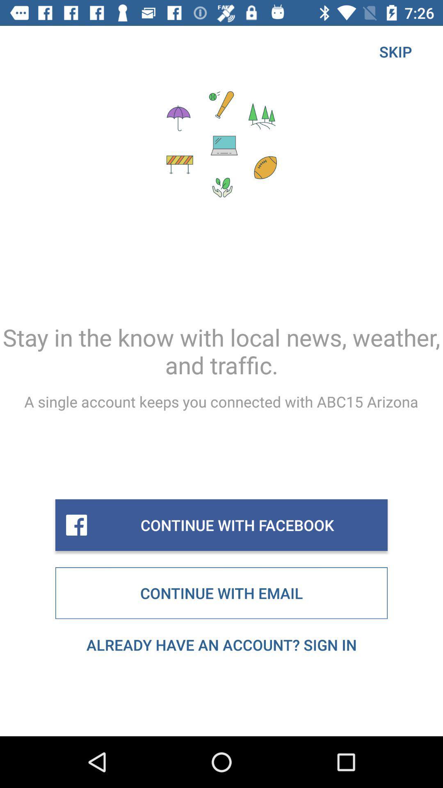 This screenshot has width=443, height=788. I want to click on item at the top right corner, so click(395, 51).